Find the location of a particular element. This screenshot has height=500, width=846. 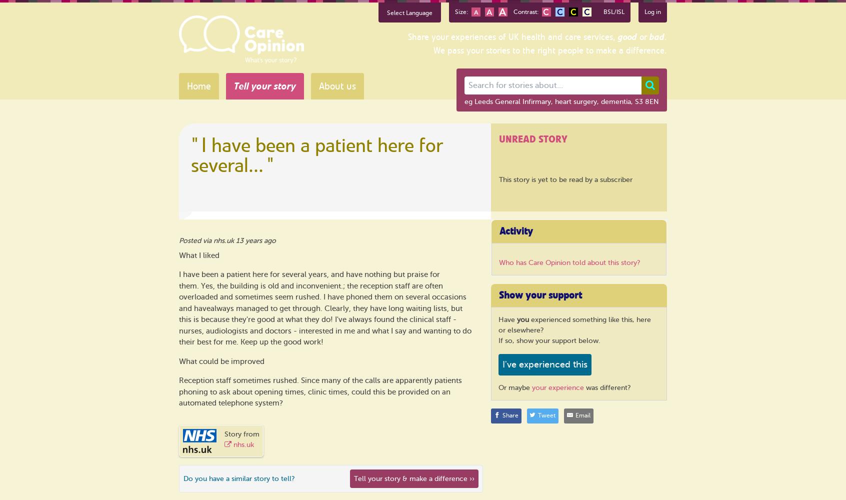

'or' is located at coordinates (636, 36).